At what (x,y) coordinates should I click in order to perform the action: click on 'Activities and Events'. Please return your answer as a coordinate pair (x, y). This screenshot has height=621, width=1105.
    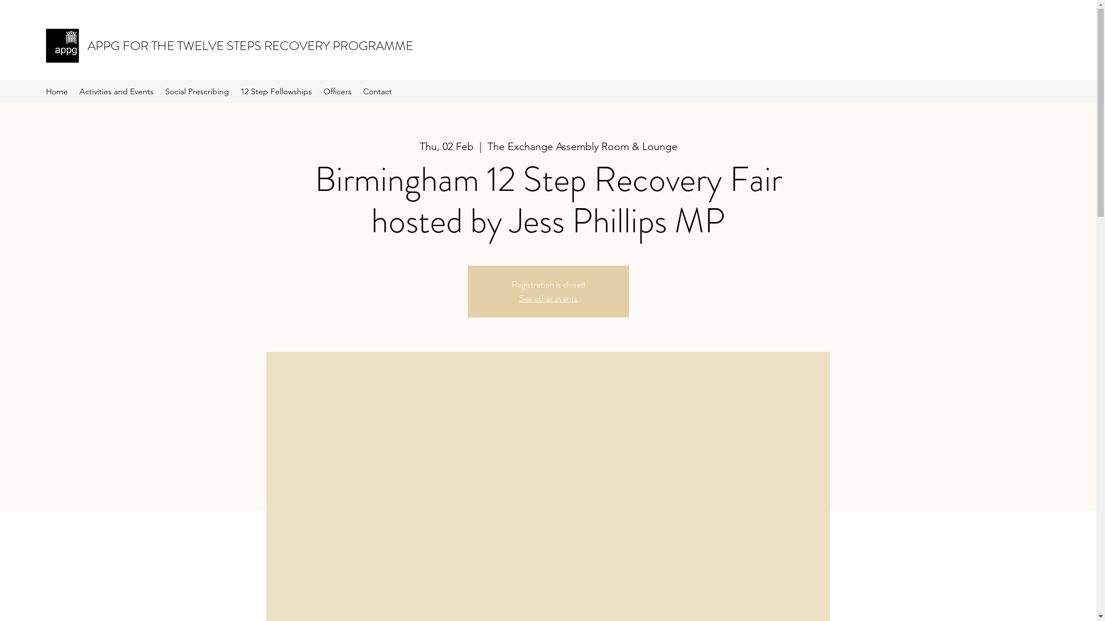
    Looking at the image, I should click on (116, 90).